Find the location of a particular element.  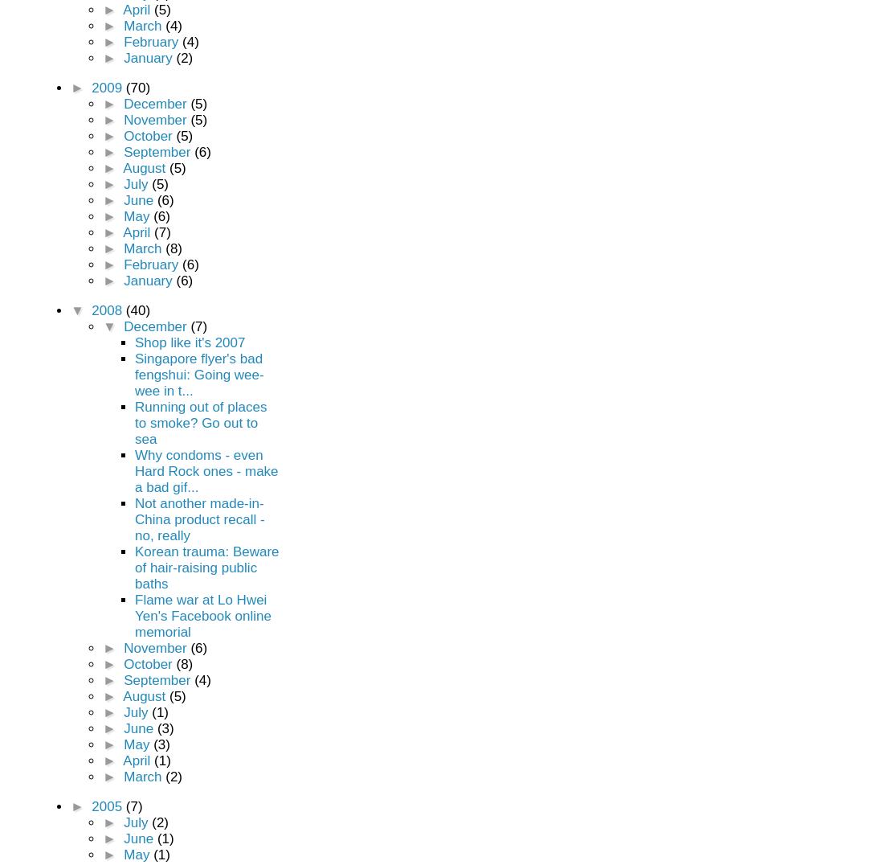

'Singapore flyer's bad fengshui: Going wee-wee in t...' is located at coordinates (198, 374).